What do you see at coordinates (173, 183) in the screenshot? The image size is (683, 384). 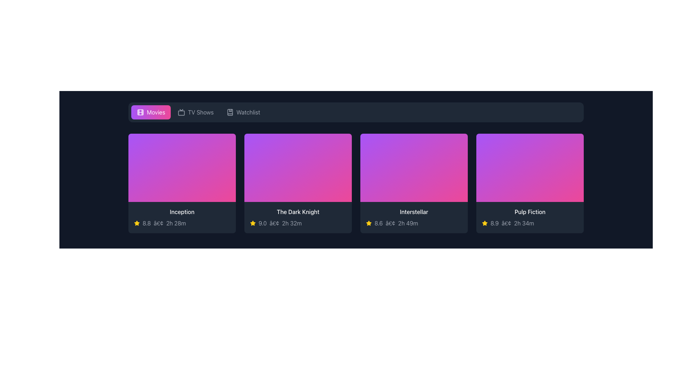 I see `triangular 'play' icon located in the upper central region of the 'Inception' movie tile card, above the title and rating details` at bounding box center [173, 183].